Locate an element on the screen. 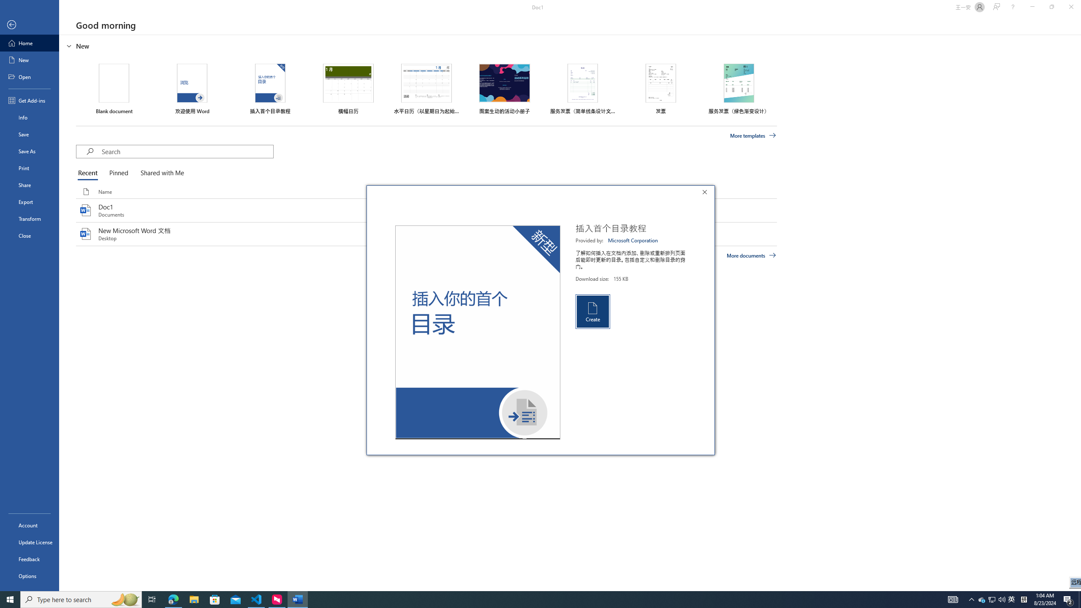  'Get Add-ins' is located at coordinates (29, 100).